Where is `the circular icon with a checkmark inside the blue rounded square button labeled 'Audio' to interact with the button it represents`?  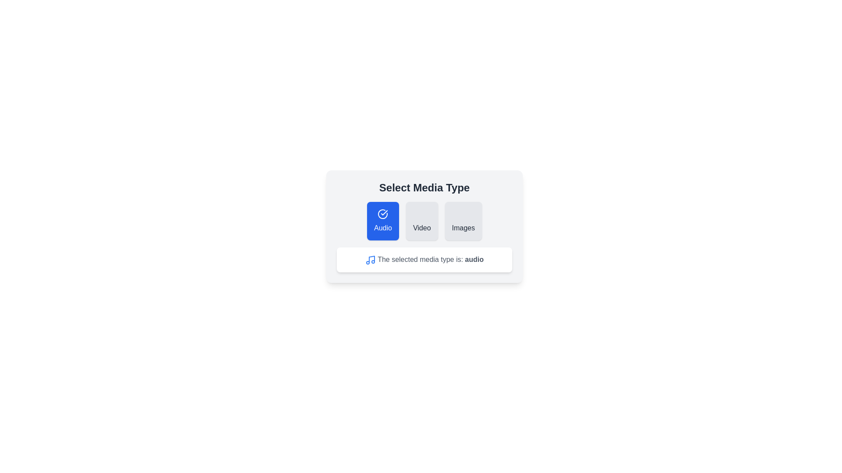 the circular icon with a checkmark inside the blue rounded square button labeled 'Audio' to interact with the button it represents is located at coordinates (383, 214).